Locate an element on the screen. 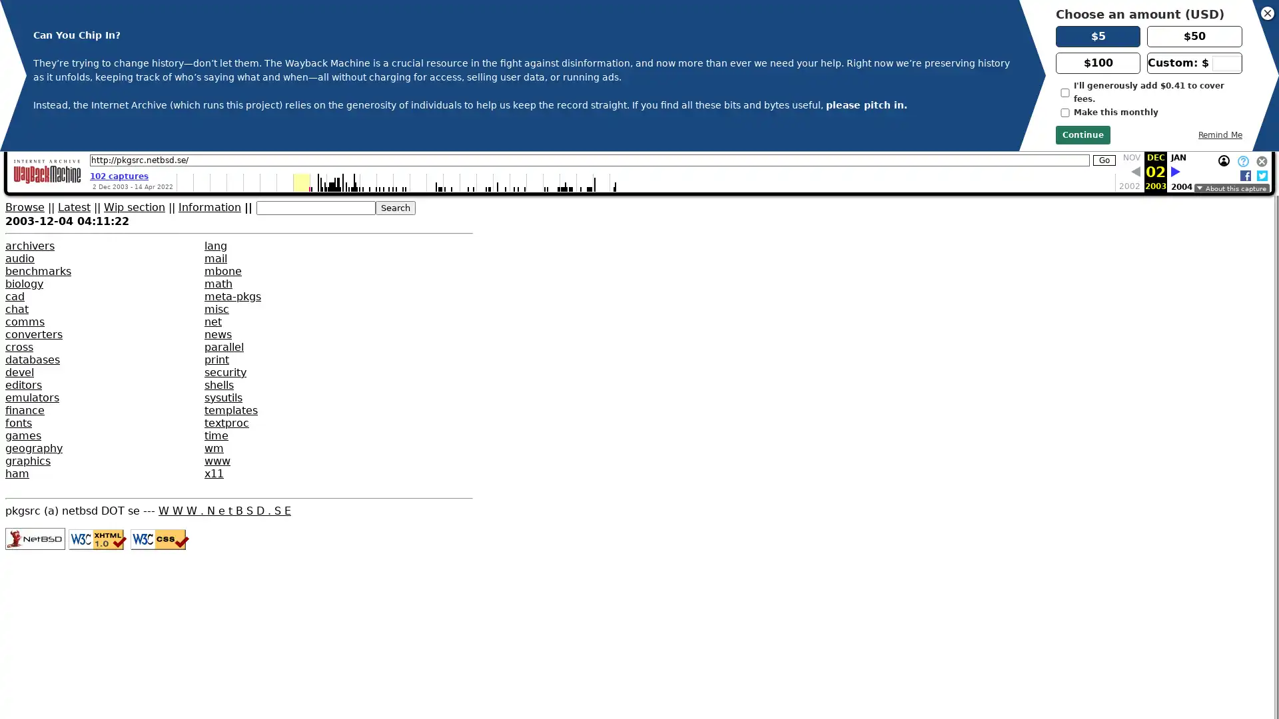  Go is located at coordinates (1104, 159).